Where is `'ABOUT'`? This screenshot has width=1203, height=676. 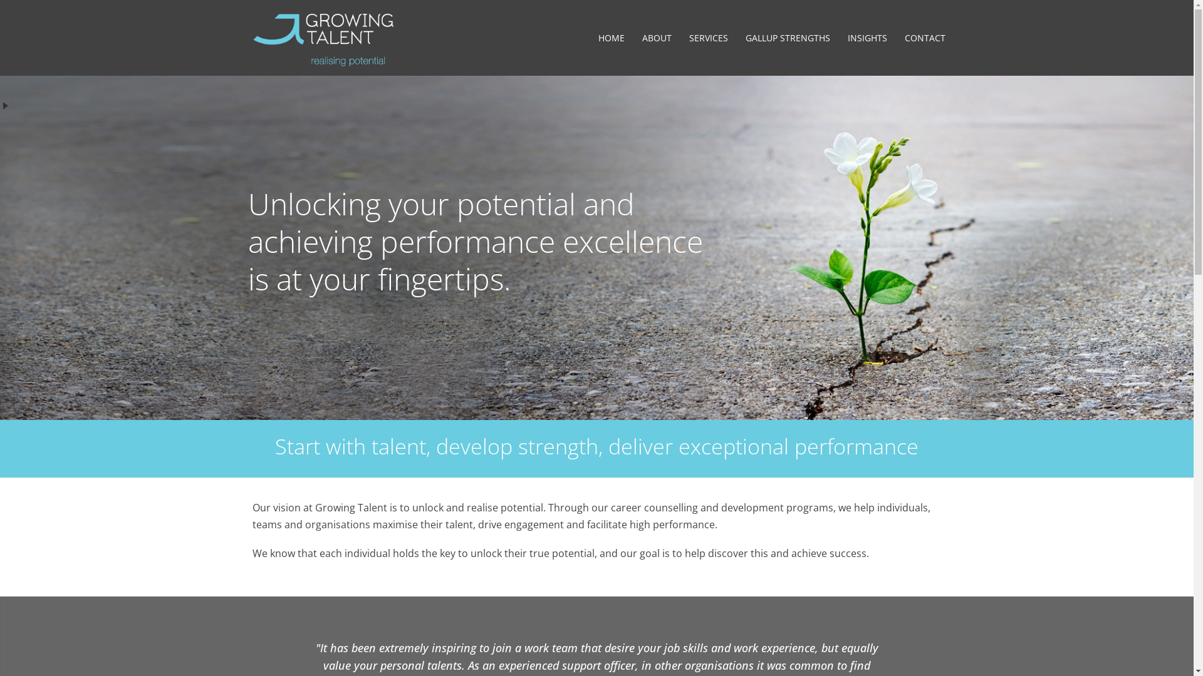
'ABOUT' is located at coordinates (655, 38).